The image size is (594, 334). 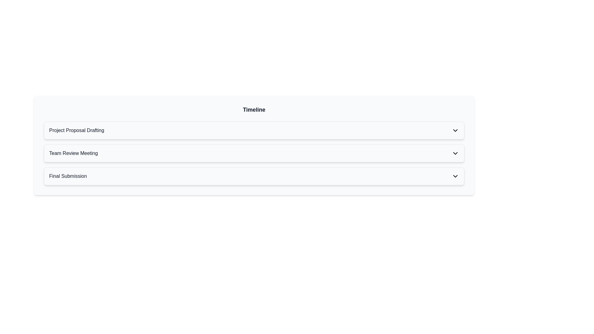 What do you see at coordinates (455, 130) in the screenshot?
I see `the downward-pointing chevron icon at the far right end of the 'Project Proposal Drafting' row` at bounding box center [455, 130].